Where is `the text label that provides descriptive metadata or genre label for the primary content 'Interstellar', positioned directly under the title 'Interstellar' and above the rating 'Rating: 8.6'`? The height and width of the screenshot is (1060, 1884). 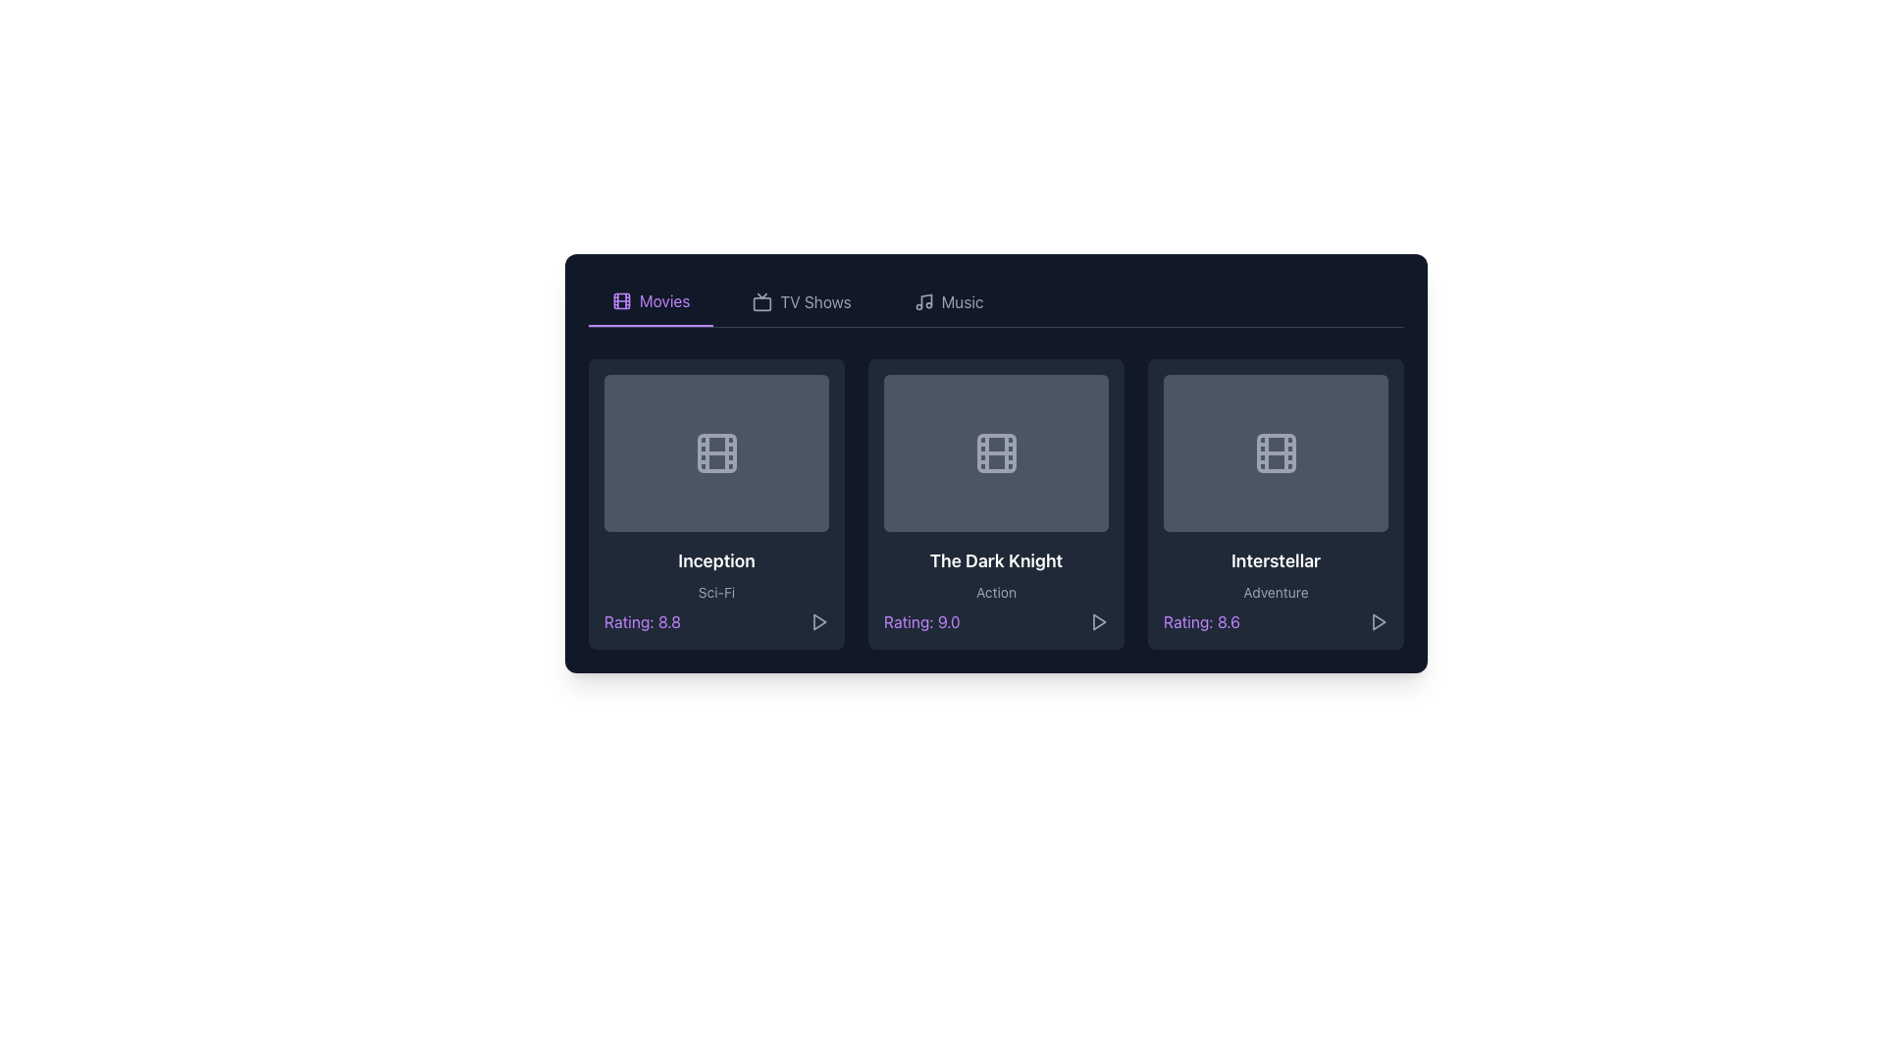
the text label that provides descriptive metadata or genre label for the primary content 'Interstellar', positioned directly under the title 'Interstellar' and above the rating 'Rating: 8.6' is located at coordinates (1276, 592).